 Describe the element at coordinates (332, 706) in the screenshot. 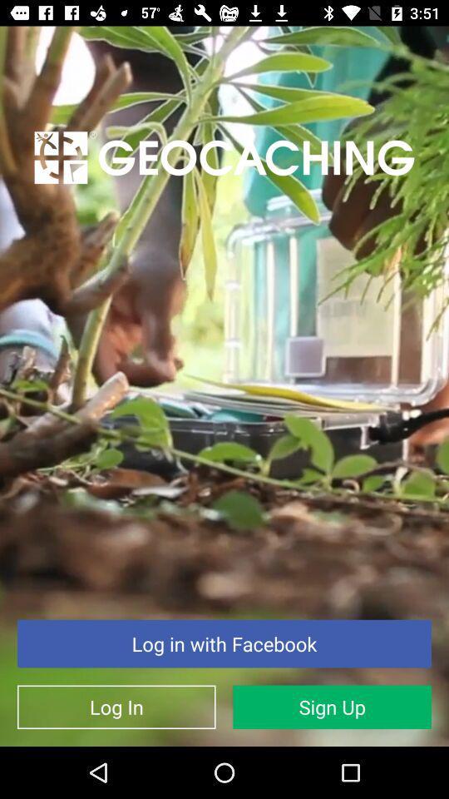

I see `the sign up at the bottom right corner` at that location.